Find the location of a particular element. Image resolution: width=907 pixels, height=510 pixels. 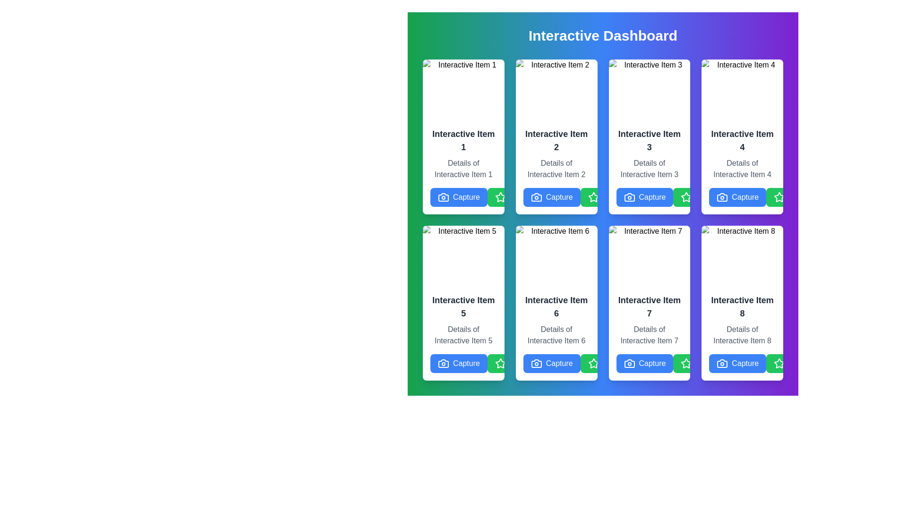

the text block that provides additional information for 'Interactive Item 7', located beneath its header and above the action buttons is located at coordinates (649, 334).